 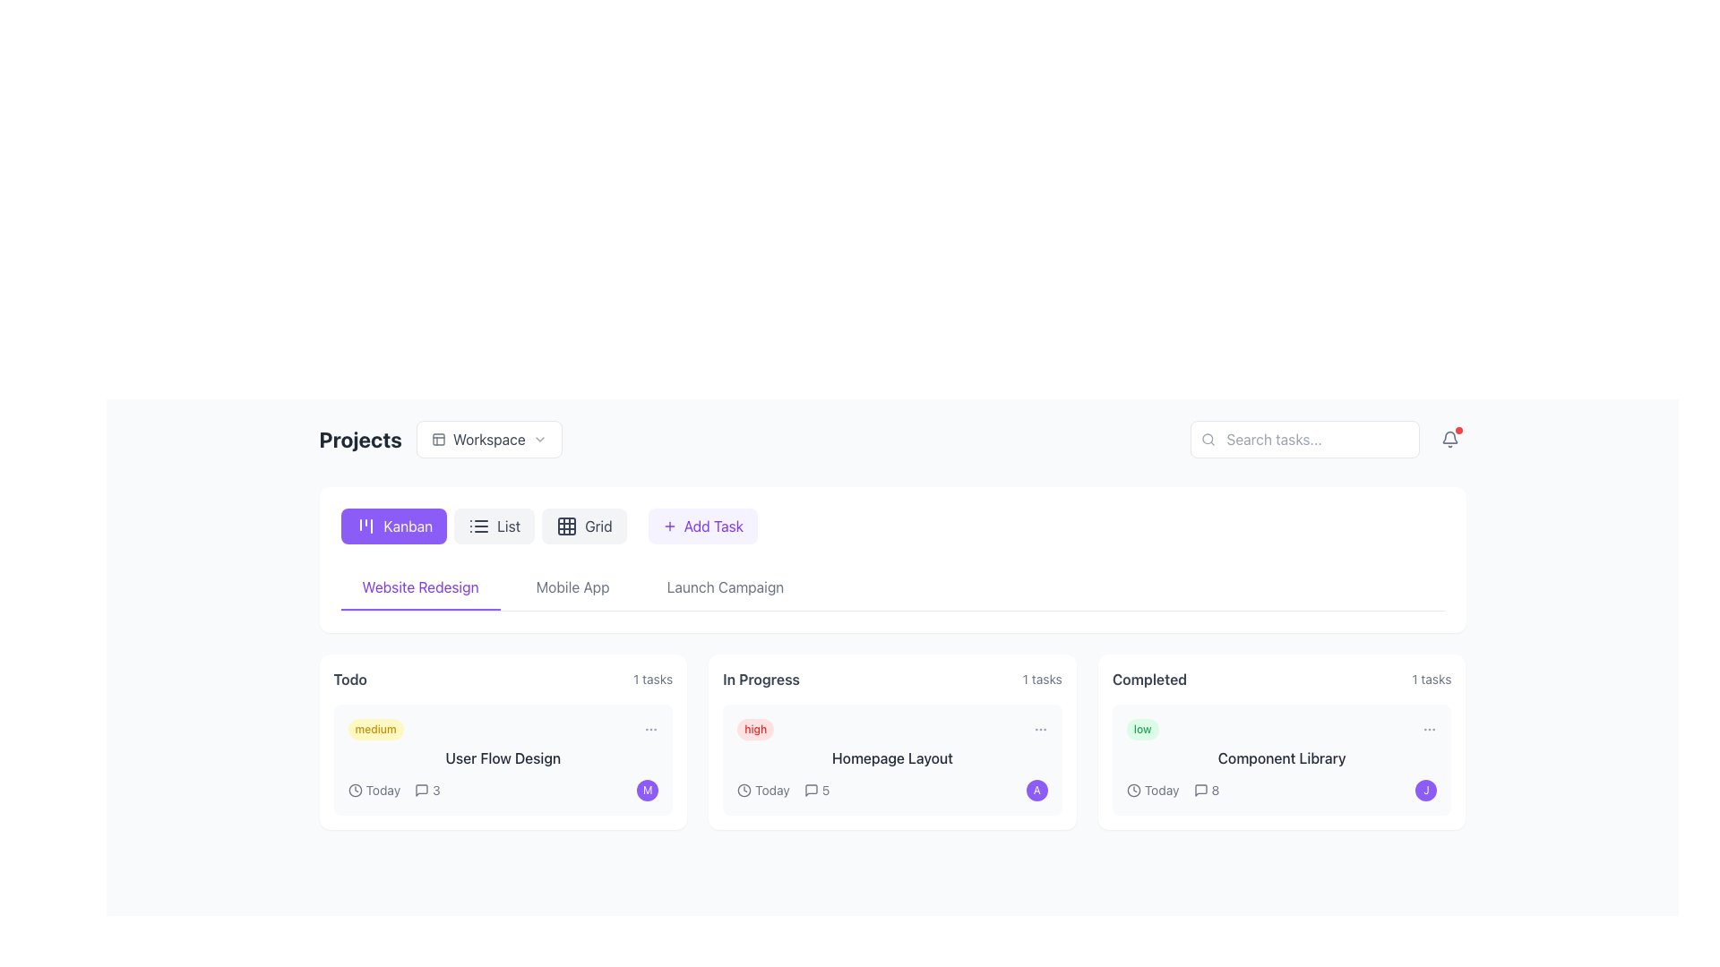 What do you see at coordinates (772, 790) in the screenshot?
I see `the static text indicating the due date of the task labeled 'Homepage Layout' in the 'In Progress' section, which is adjacent to a clock icon` at bounding box center [772, 790].